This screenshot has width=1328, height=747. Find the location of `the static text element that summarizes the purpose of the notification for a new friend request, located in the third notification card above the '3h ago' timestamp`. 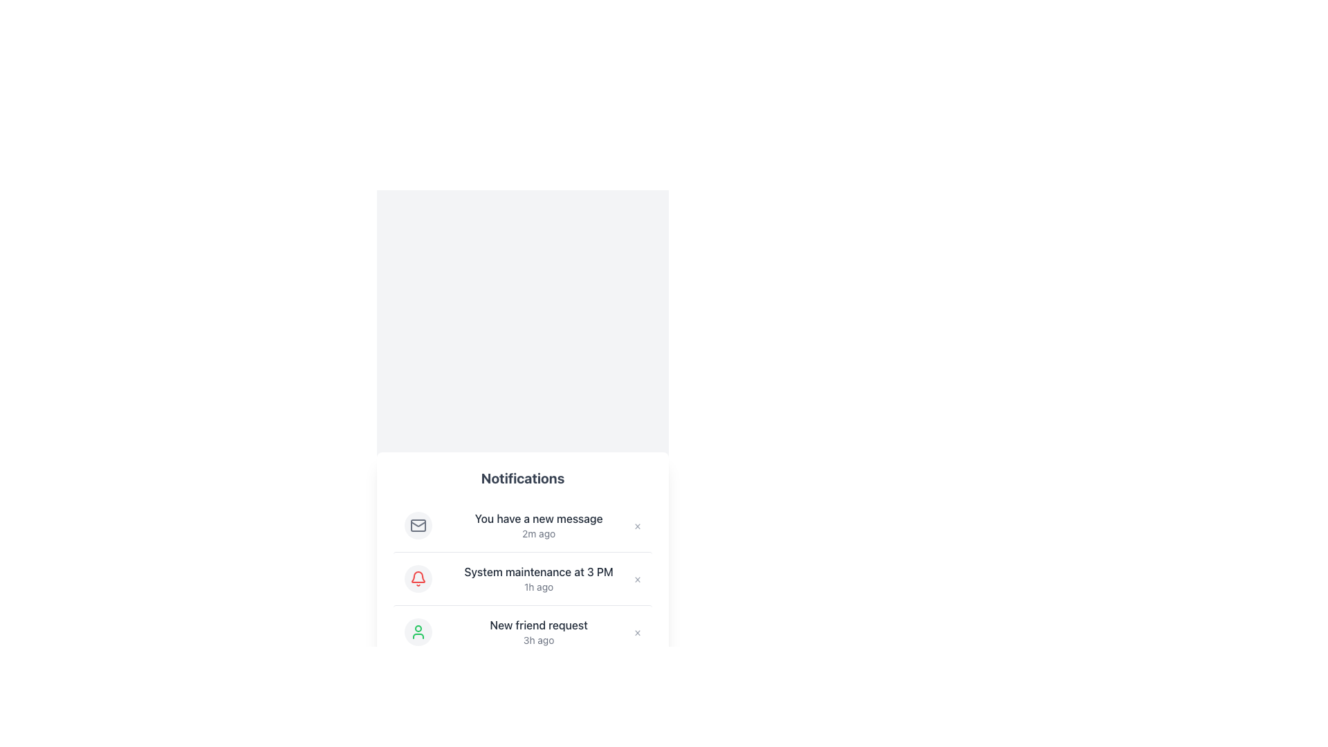

the static text element that summarizes the purpose of the notification for a new friend request, located in the third notification card above the '3h ago' timestamp is located at coordinates (538, 625).